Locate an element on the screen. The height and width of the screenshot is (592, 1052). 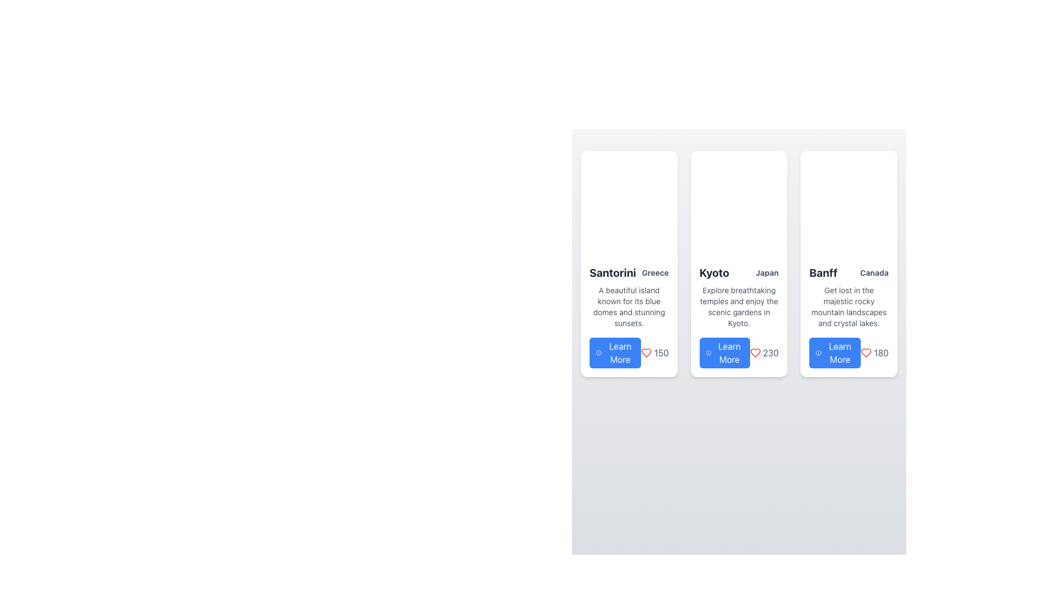
the heart icon button for 'liking' or marking content as favorite, located in the bottom-right corner of the 'Santorini Greece' card is located at coordinates (647, 353).